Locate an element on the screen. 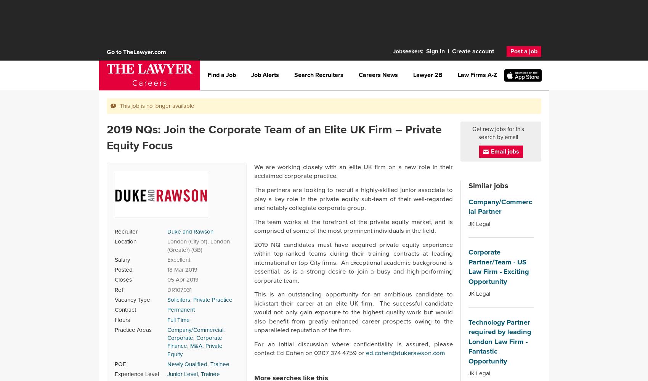 This screenshot has width=648, height=381. 'Find a Job' is located at coordinates (221, 74).